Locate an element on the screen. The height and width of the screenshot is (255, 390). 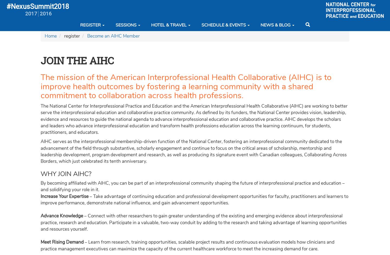
'Advance Knowledge' is located at coordinates (62, 216).